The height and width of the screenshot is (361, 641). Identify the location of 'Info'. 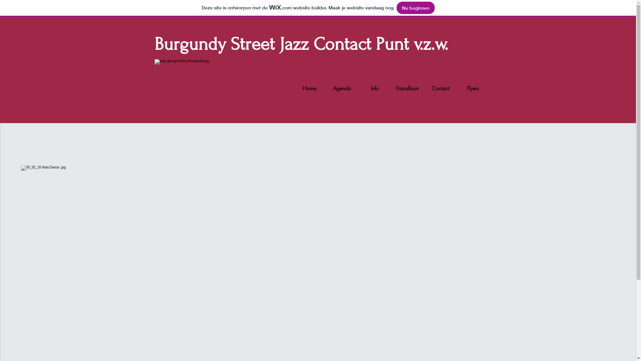
(375, 88).